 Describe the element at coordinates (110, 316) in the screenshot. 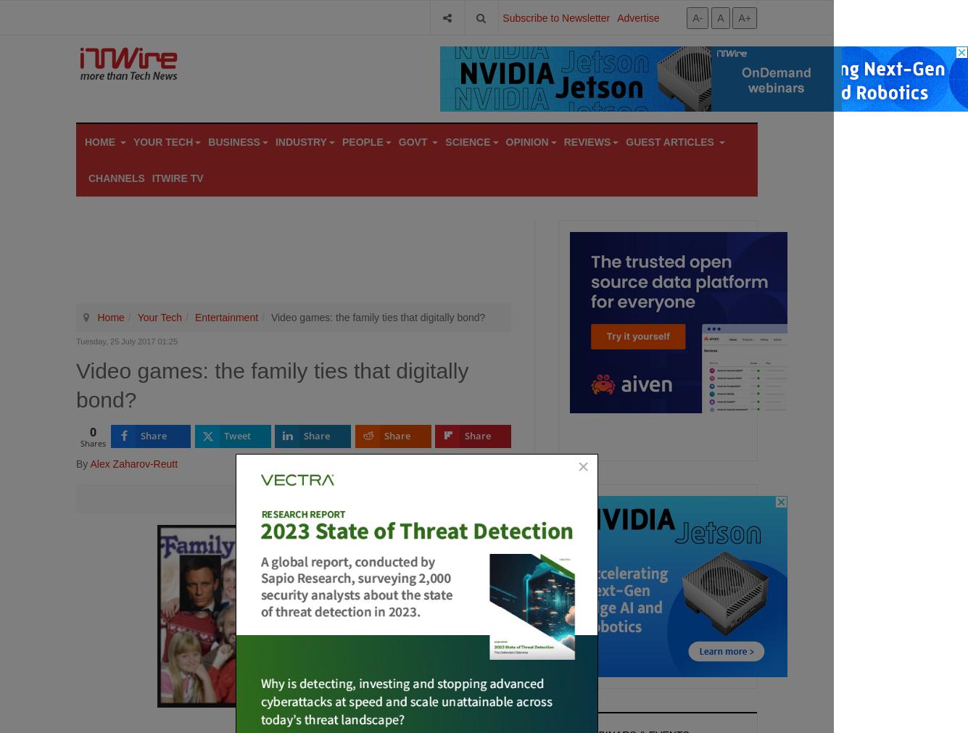

I see `'Home'` at that location.